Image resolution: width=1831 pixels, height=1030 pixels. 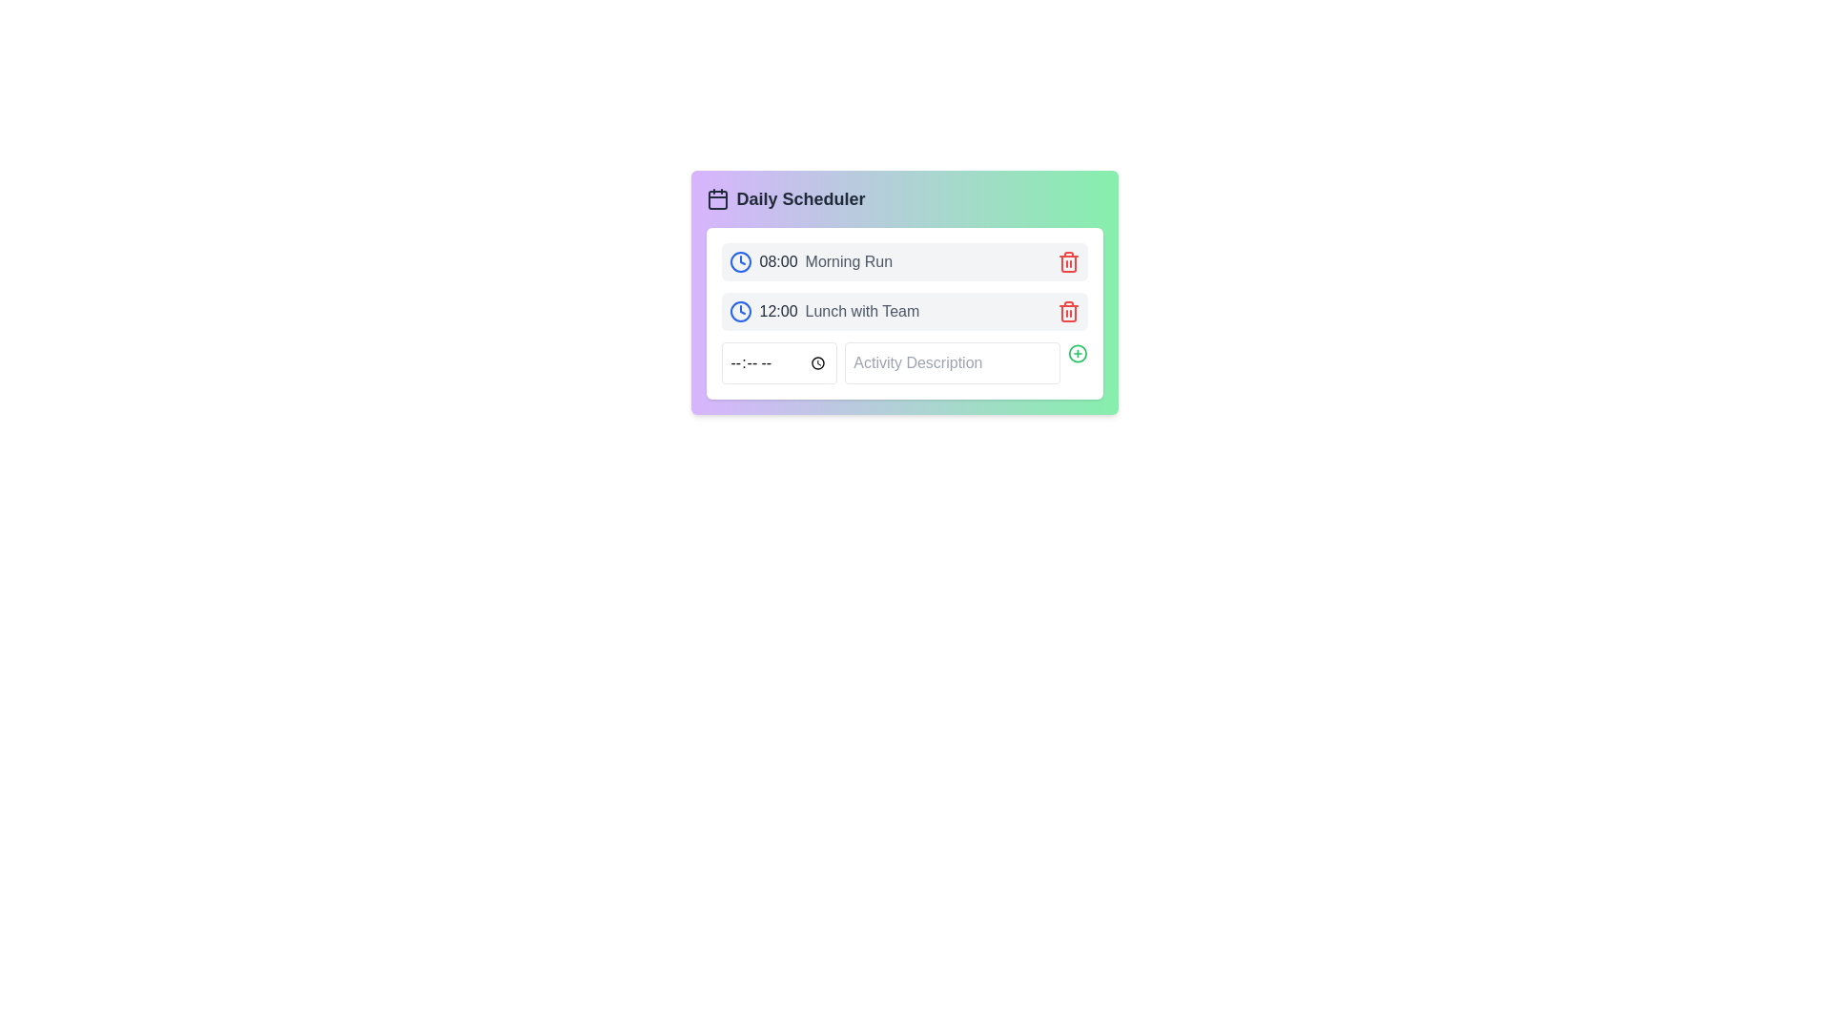 What do you see at coordinates (778, 261) in the screenshot?
I see `the text label displaying the time '08:00' in the Daily Scheduler component, which is styled in gray and positioned before the text 'Morning Run'` at bounding box center [778, 261].